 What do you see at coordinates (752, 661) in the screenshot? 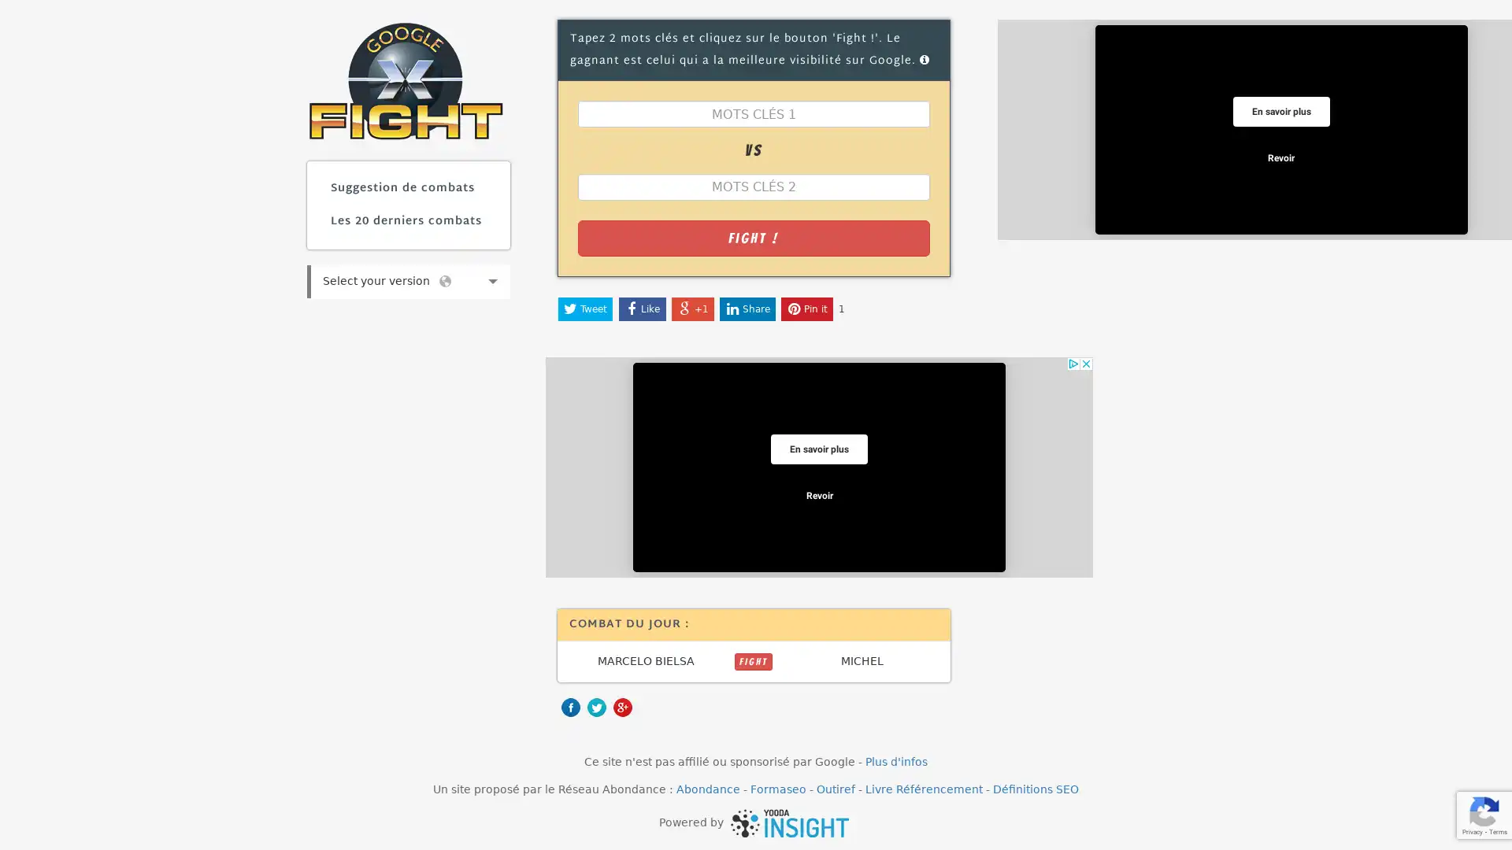
I see `FIGHT` at bounding box center [752, 661].